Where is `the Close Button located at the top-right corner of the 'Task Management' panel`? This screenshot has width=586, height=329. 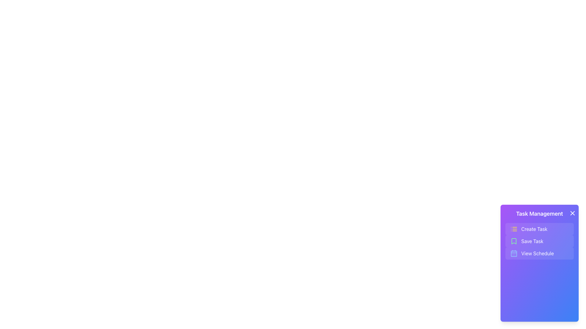 the Close Button located at the top-right corner of the 'Task Management' panel is located at coordinates (572, 213).